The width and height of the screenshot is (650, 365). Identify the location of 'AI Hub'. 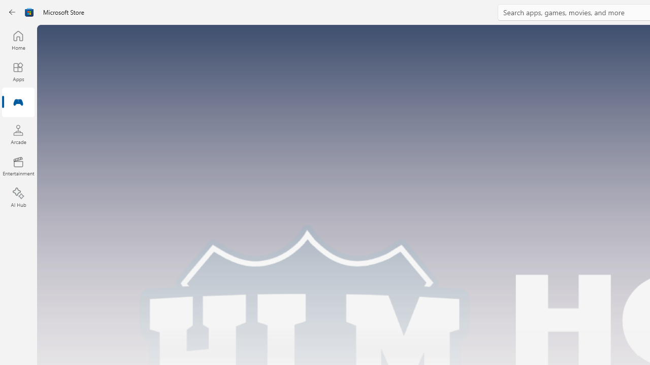
(18, 198).